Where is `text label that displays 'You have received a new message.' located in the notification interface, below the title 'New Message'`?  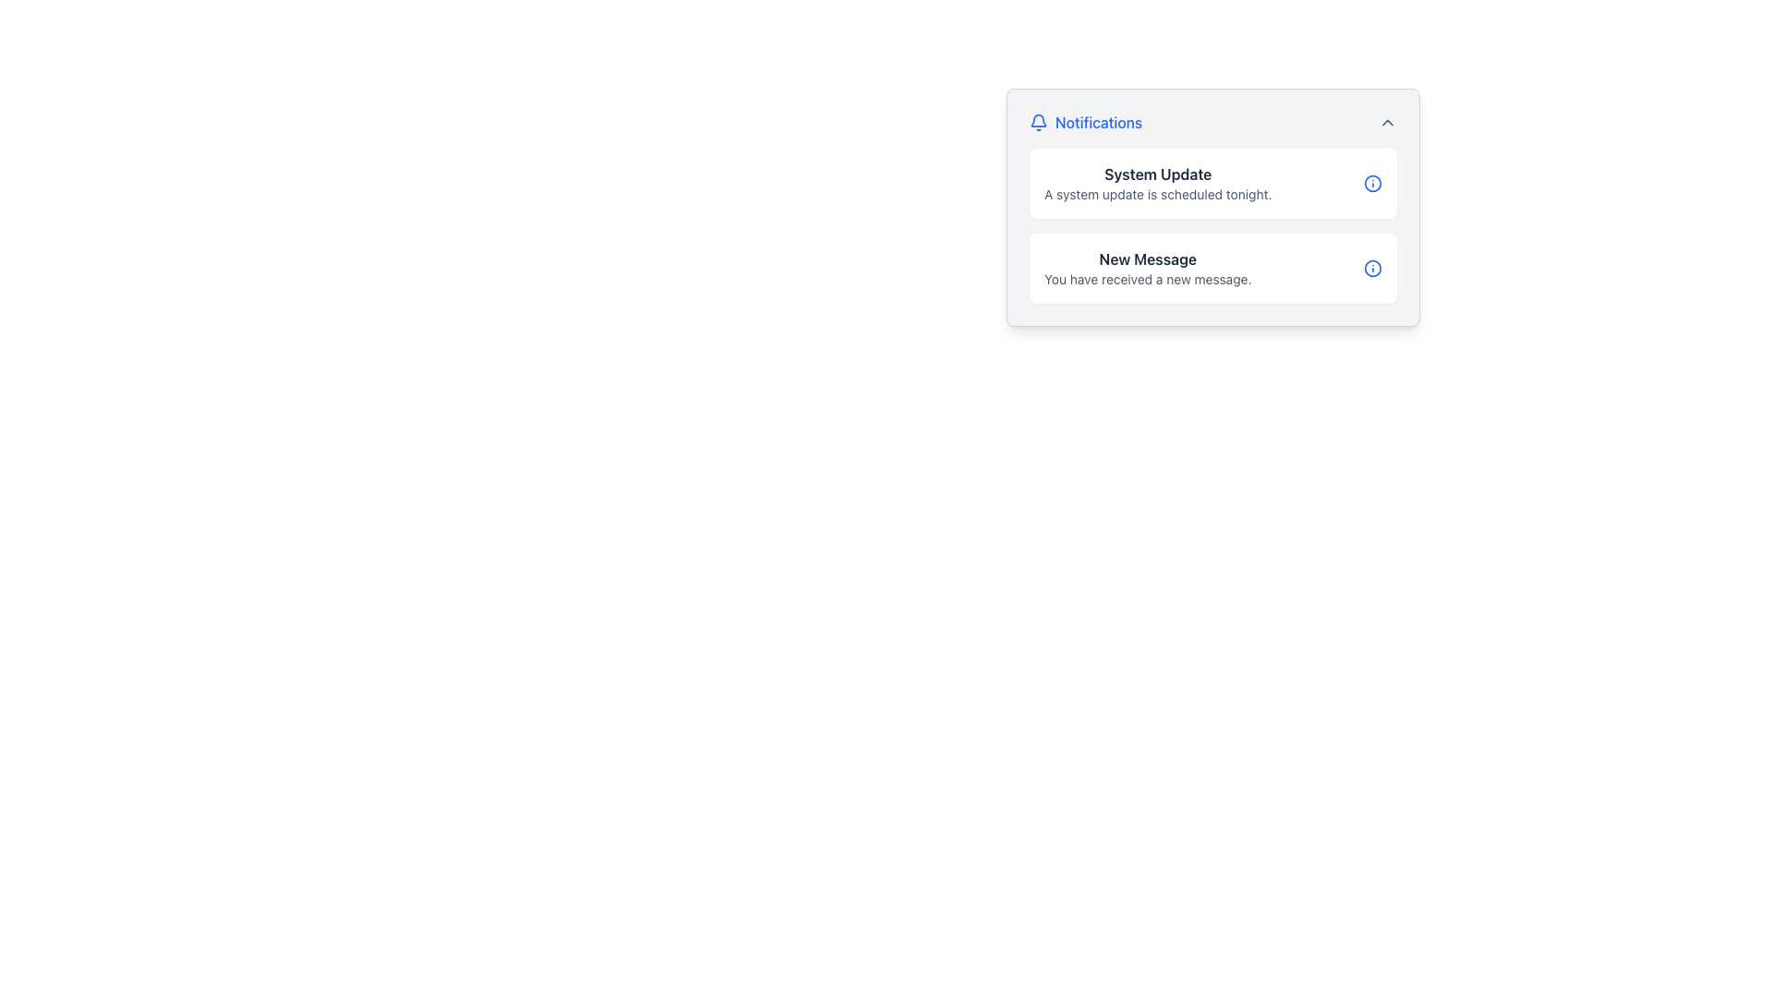 text label that displays 'You have received a new message.' located in the notification interface, below the title 'New Message' is located at coordinates (1147, 280).